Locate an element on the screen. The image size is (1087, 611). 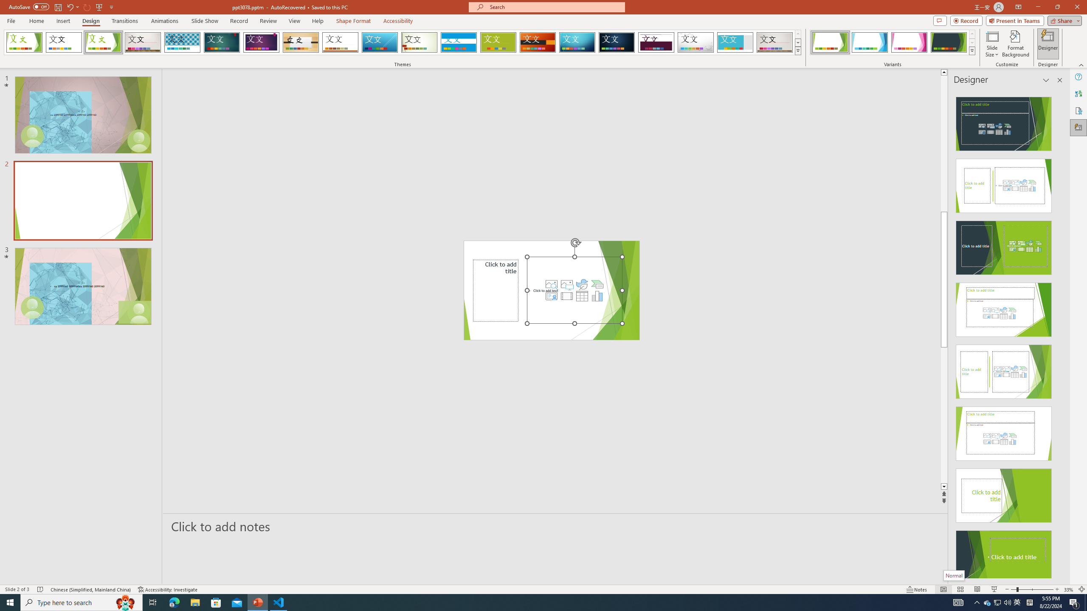
'Ion Boardroom' is located at coordinates (261, 42).